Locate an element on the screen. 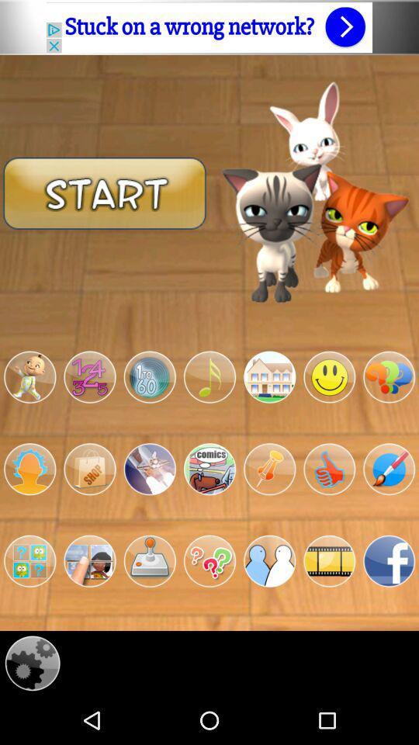 The width and height of the screenshot is (419, 745). application is located at coordinates (268, 560).